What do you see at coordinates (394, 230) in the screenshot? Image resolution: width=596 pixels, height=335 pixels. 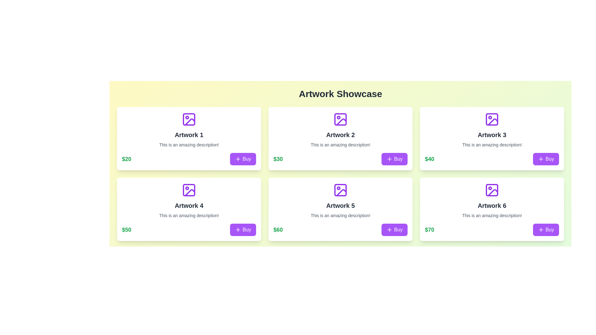 I see `the purchase button located in the lower right corner of the fifth artwork card, which displays a price of $60, to initiate the purchase action` at bounding box center [394, 230].